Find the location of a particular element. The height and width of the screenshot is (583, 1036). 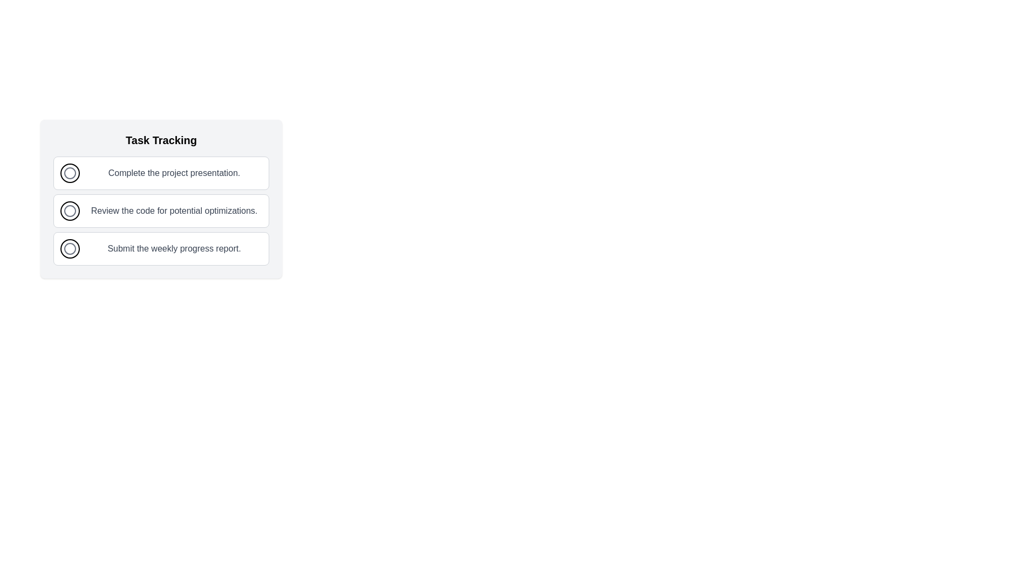

the first toggle button in the vertical list is located at coordinates (69, 172).